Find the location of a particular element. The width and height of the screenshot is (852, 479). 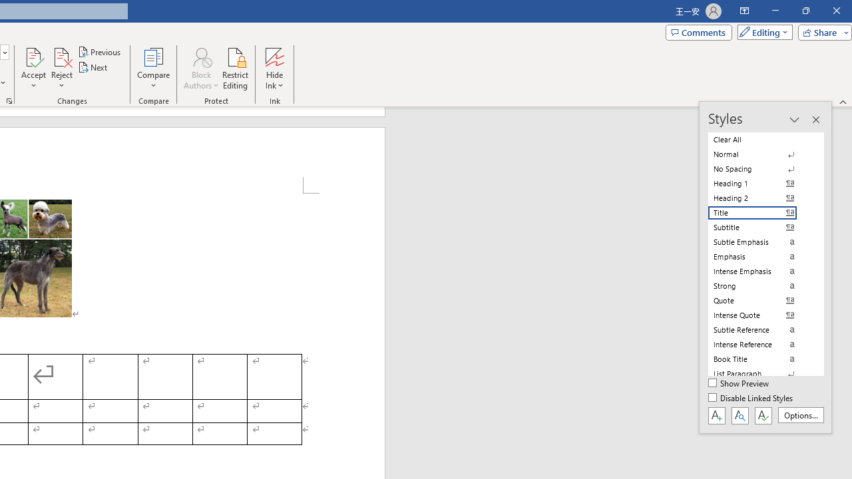

'Clear All' is located at coordinates (760, 139).